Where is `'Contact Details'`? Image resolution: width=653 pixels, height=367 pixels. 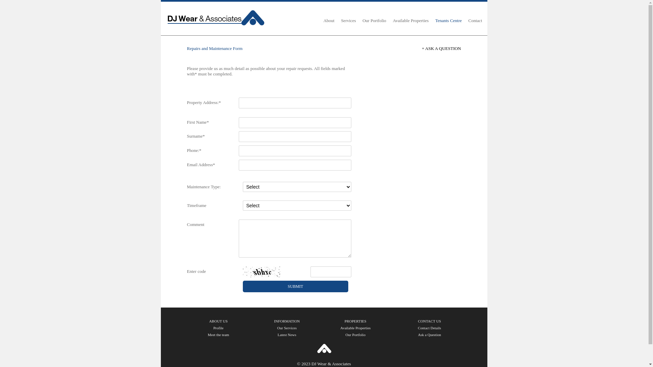
'Contact Details' is located at coordinates (429, 327).